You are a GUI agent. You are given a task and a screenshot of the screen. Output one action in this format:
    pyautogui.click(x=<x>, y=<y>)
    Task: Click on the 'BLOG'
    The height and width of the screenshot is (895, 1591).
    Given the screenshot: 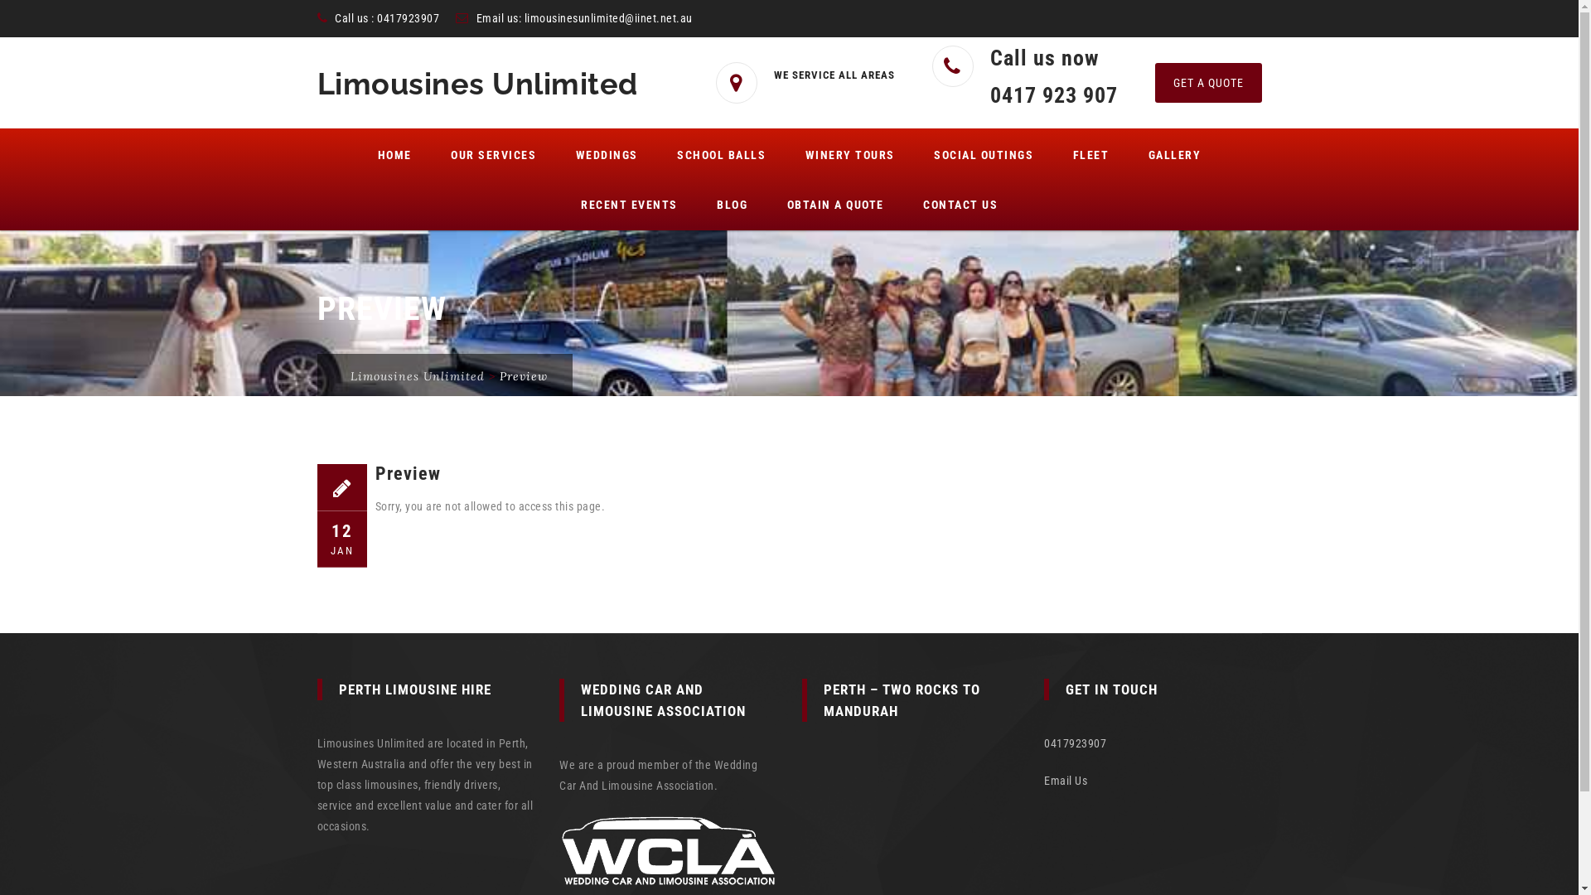 What is the action you would take?
    pyautogui.click(x=731, y=203)
    